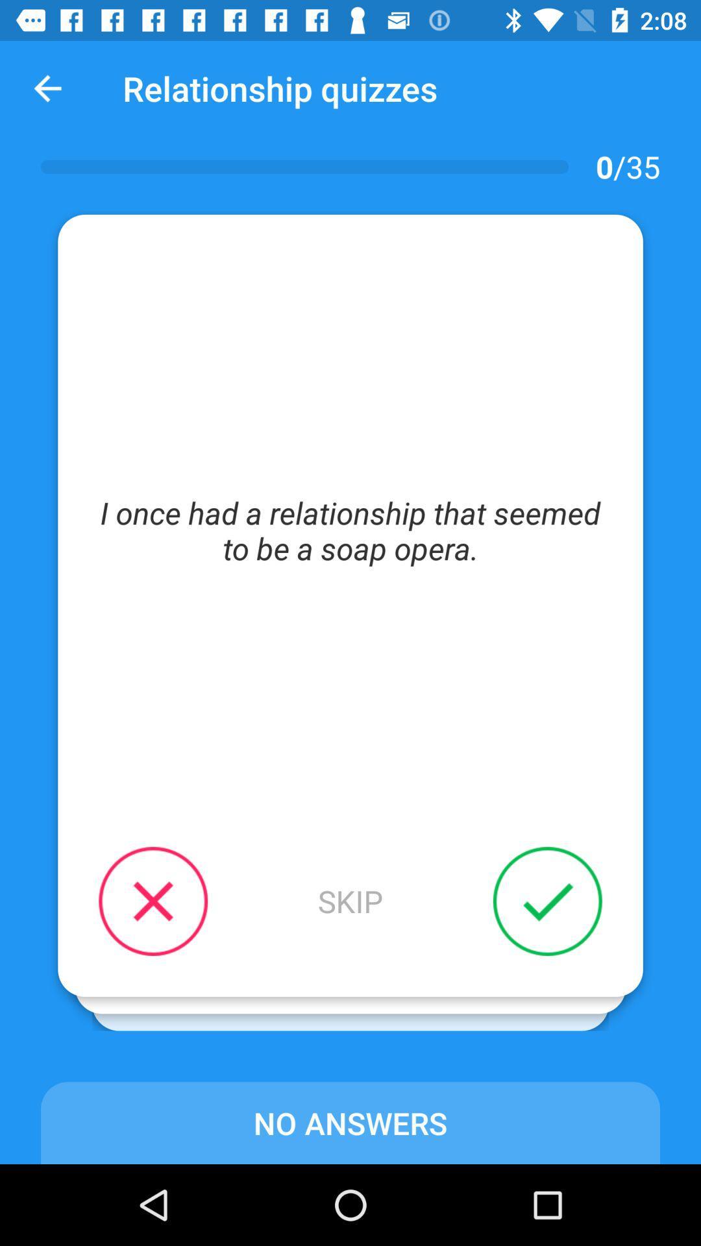 The height and width of the screenshot is (1246, 701). I want to click on the wrong option, so click(152, 900).